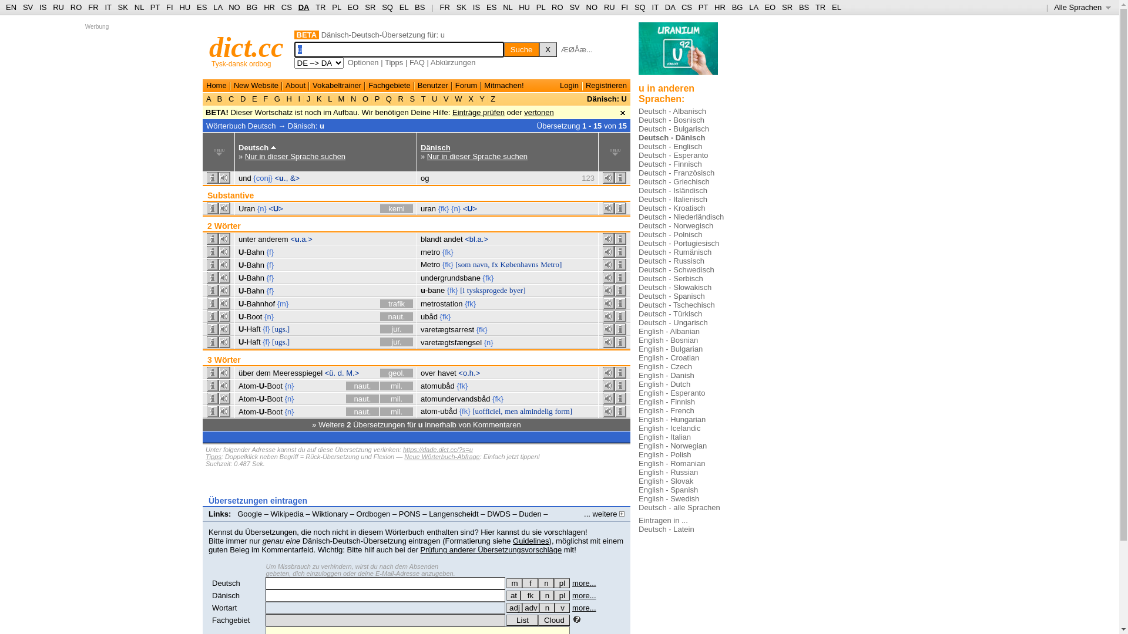 This screenshot has width=1128, height=634. Describe the element at coordinates (637, 242) in the screenshot. I see `'Deutsch - Portugiesisch'` at that location.